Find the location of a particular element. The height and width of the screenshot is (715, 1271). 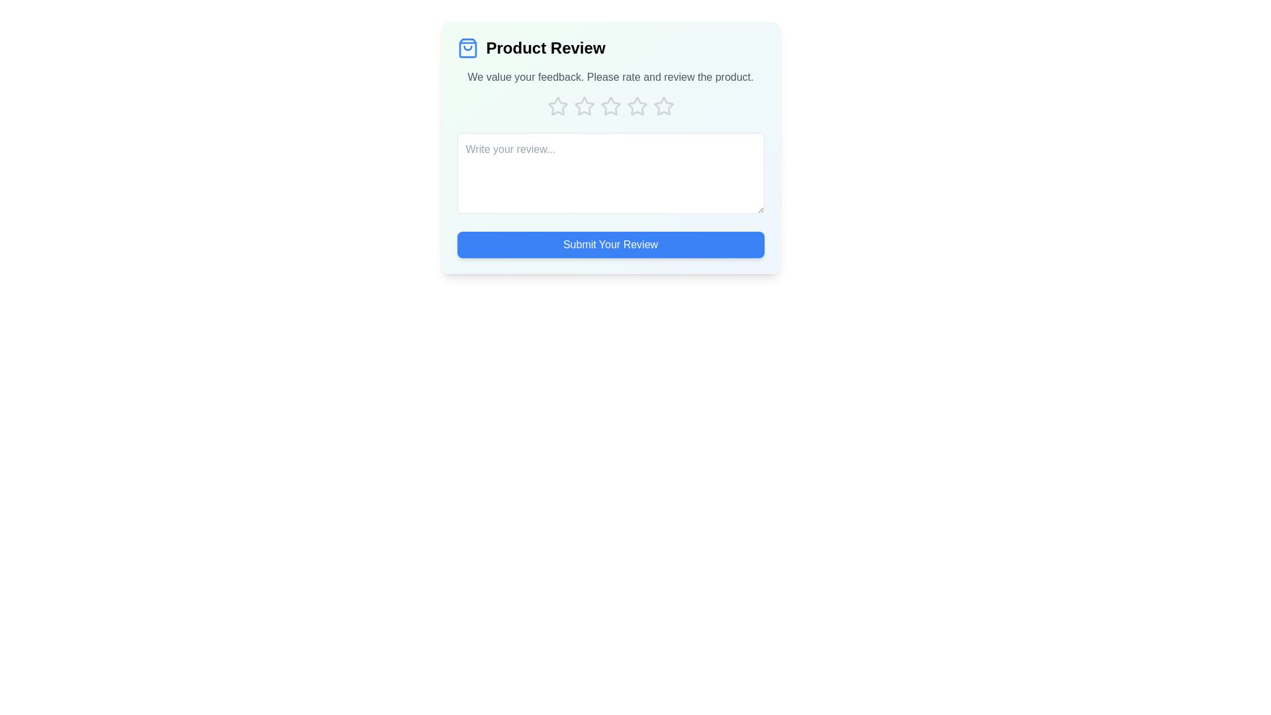

the fourth star icon in the rating system located beneath the 'Product Review' title to observe the hover effect is located at coordinates (637, 106).